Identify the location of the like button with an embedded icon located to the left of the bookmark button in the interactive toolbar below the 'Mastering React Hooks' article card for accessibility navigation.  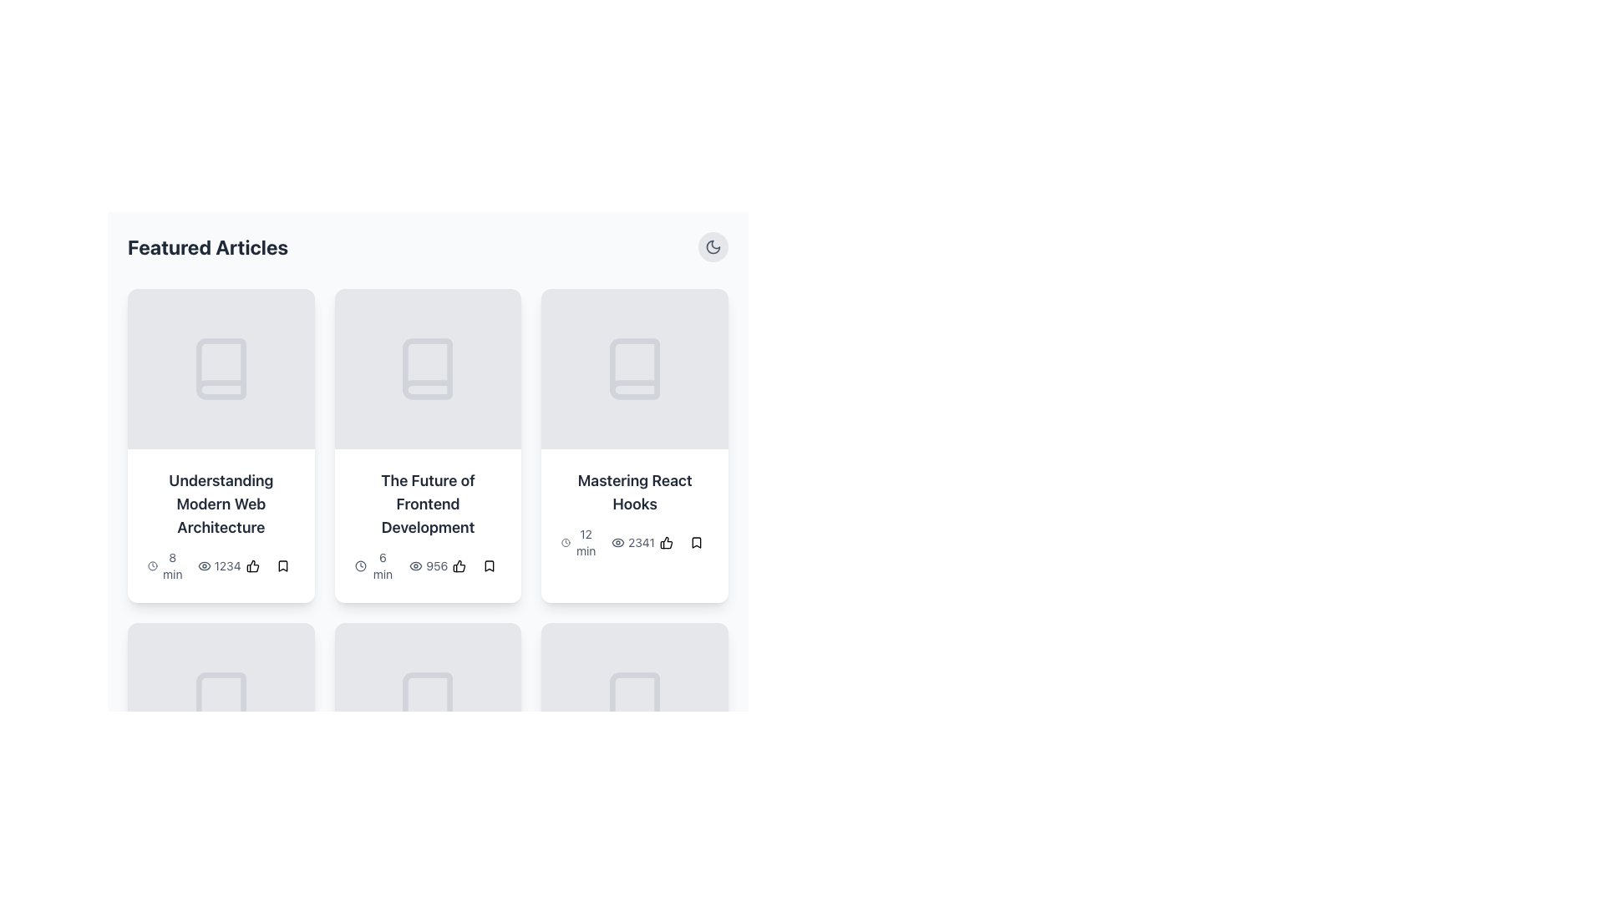
(665, 543).